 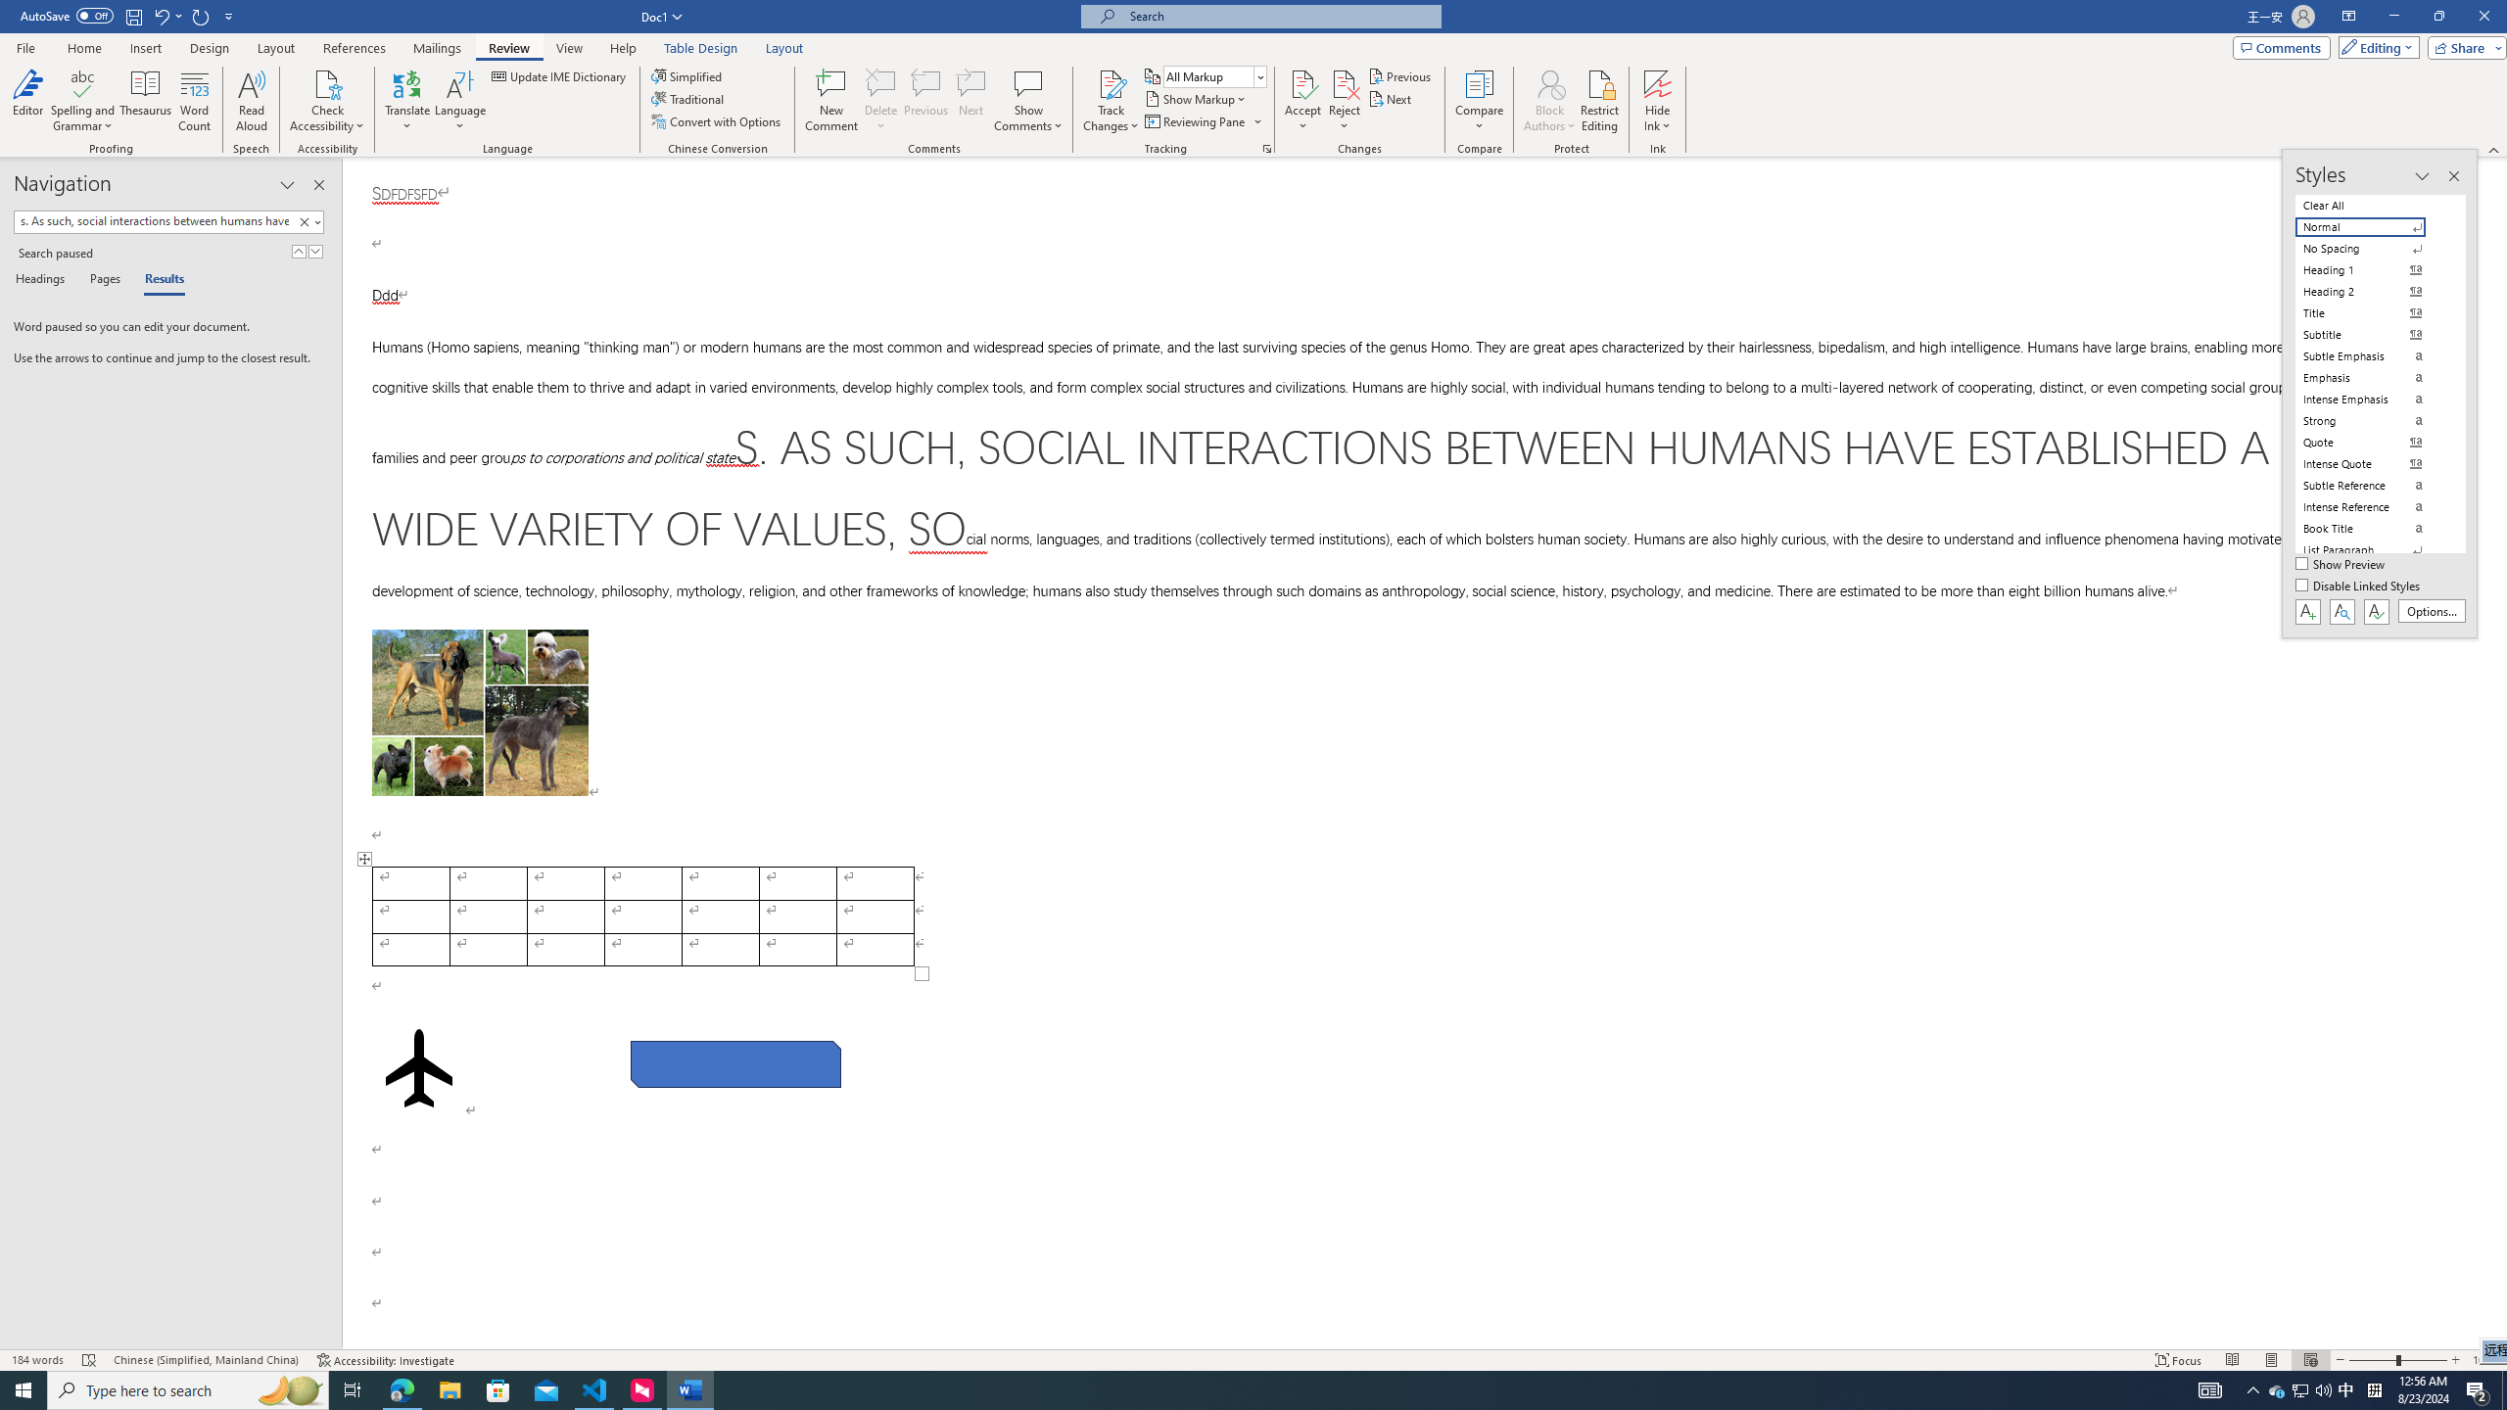 I want to click on 'List Paragraph', so click(x=2372, y=550).